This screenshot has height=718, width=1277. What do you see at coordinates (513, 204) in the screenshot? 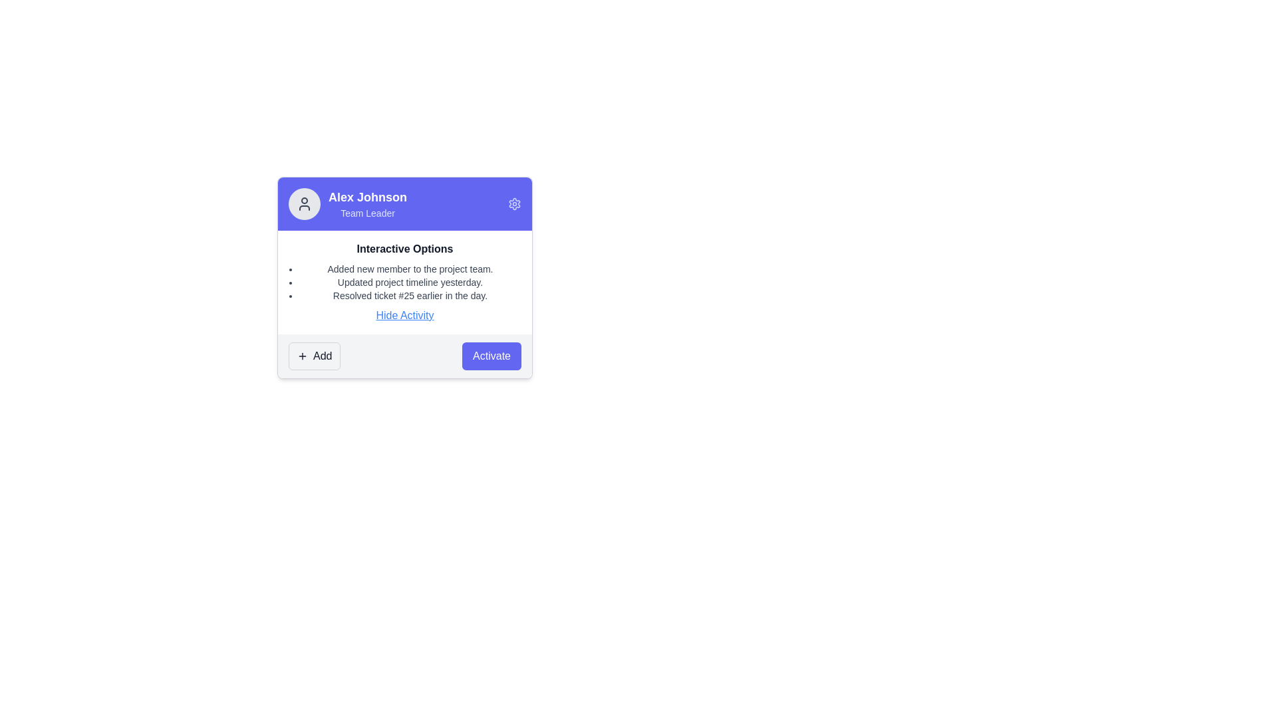
I see `the gear icon in the top-right corner of the user information card` at bounding box center [513, 204].